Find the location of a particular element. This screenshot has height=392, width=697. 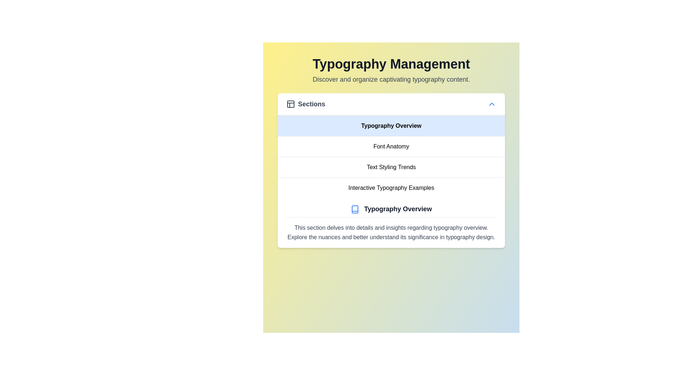

the icon resembling a window layout, which is located to the immediate left of the 'Sections' text in the header area of the panel-like component is located at coordinates (291, 104).